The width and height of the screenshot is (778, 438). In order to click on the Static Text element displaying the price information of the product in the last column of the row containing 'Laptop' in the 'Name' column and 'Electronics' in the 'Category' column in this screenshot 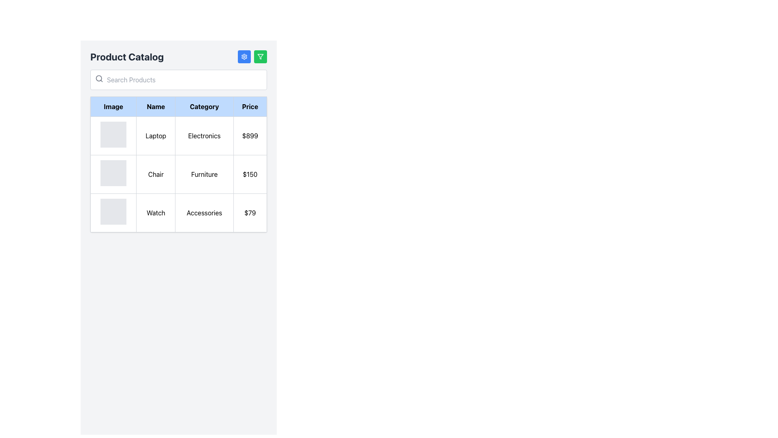, I will do `click(250, 135)`.